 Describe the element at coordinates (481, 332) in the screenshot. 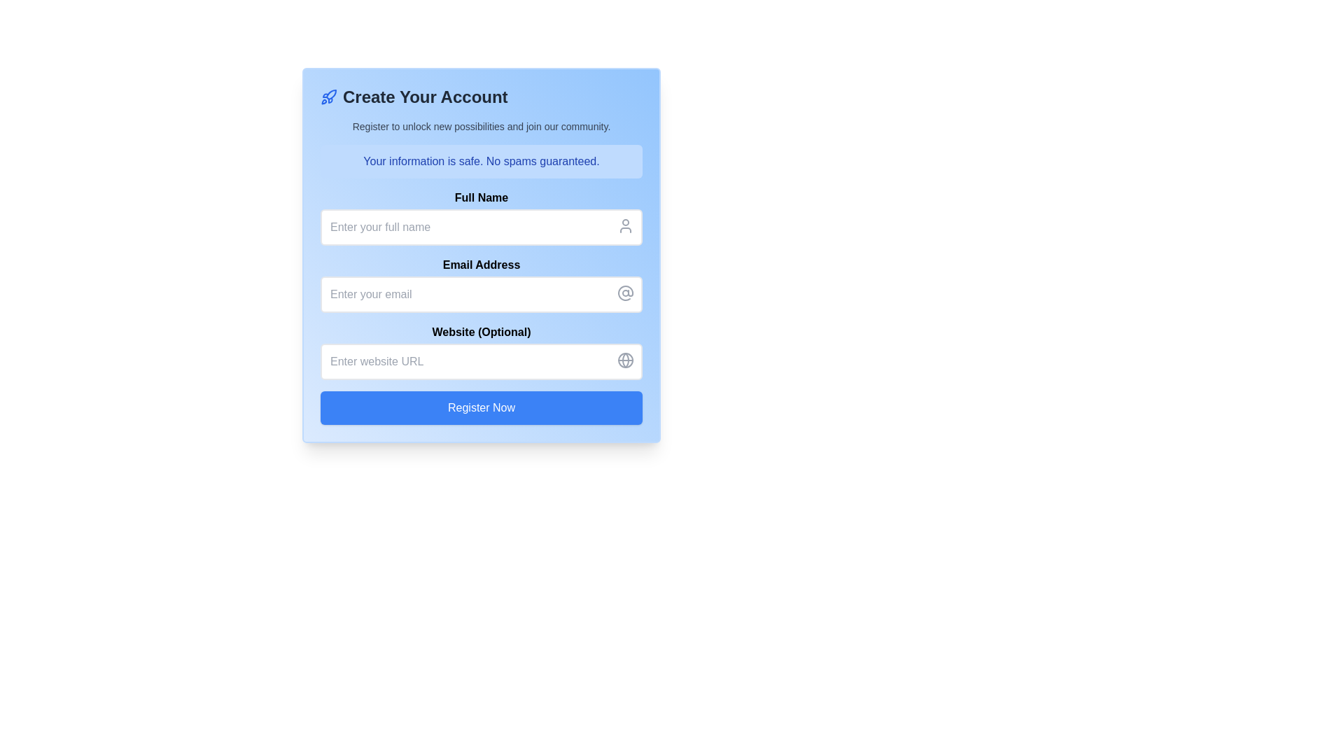

I see `the label reading 'Website (Optional)' which is styled in bold and positioned above a text input field` at that location.